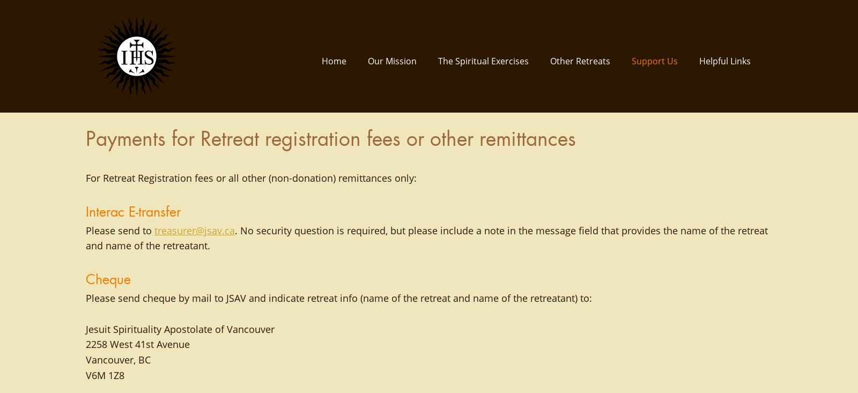 The height and width of the screenshot is (393, 858). What do you see at coordinates (137, 344) in the screenshot?
I see `'2258 West 41st Avenue'` at bounding box center [137, 344].